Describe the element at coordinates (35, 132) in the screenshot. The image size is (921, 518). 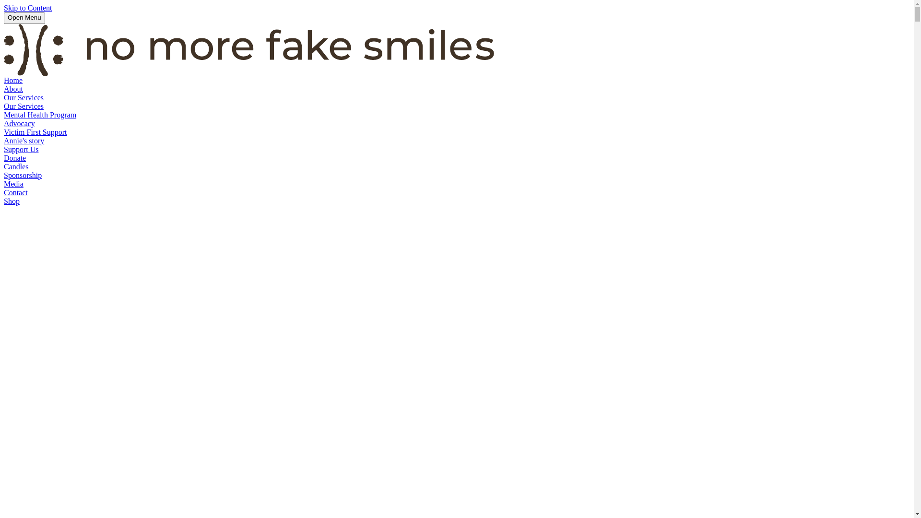
I see `'Victim First Support'` at that location.